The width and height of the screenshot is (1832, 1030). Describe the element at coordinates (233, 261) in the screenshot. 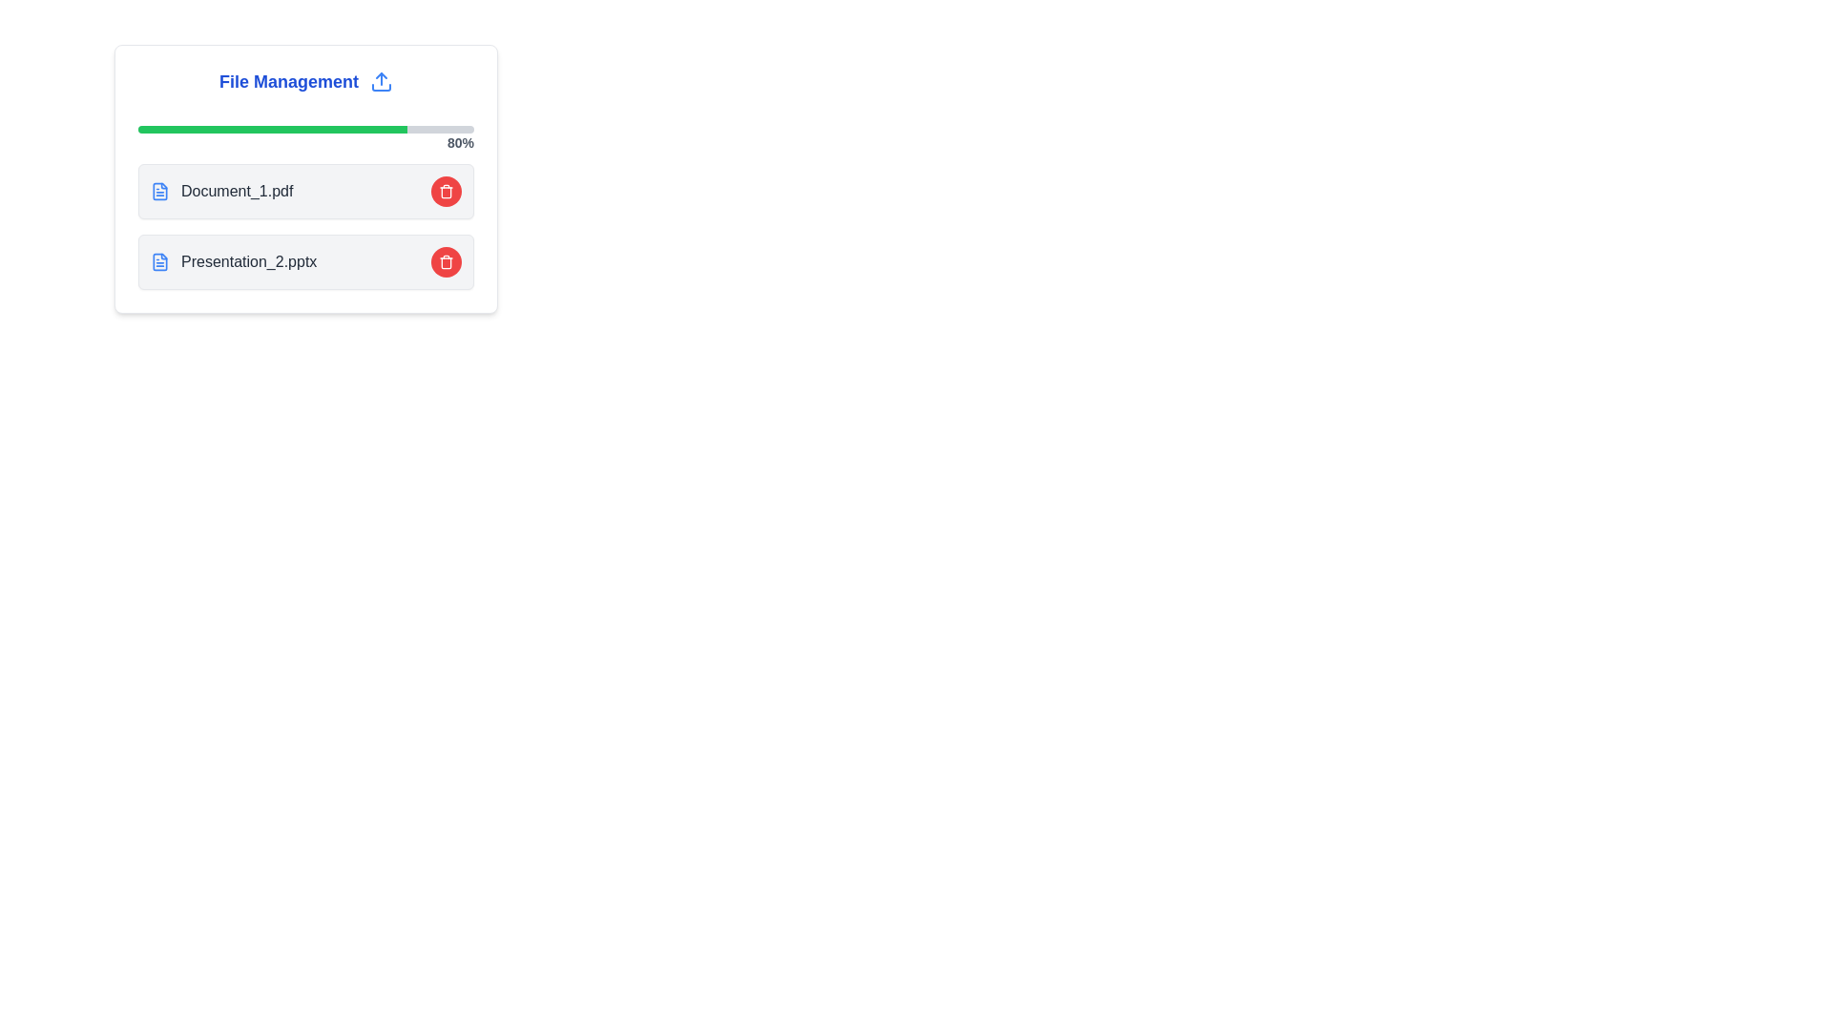

I see `the filename 'Presentation_2.pptx'` at that location.